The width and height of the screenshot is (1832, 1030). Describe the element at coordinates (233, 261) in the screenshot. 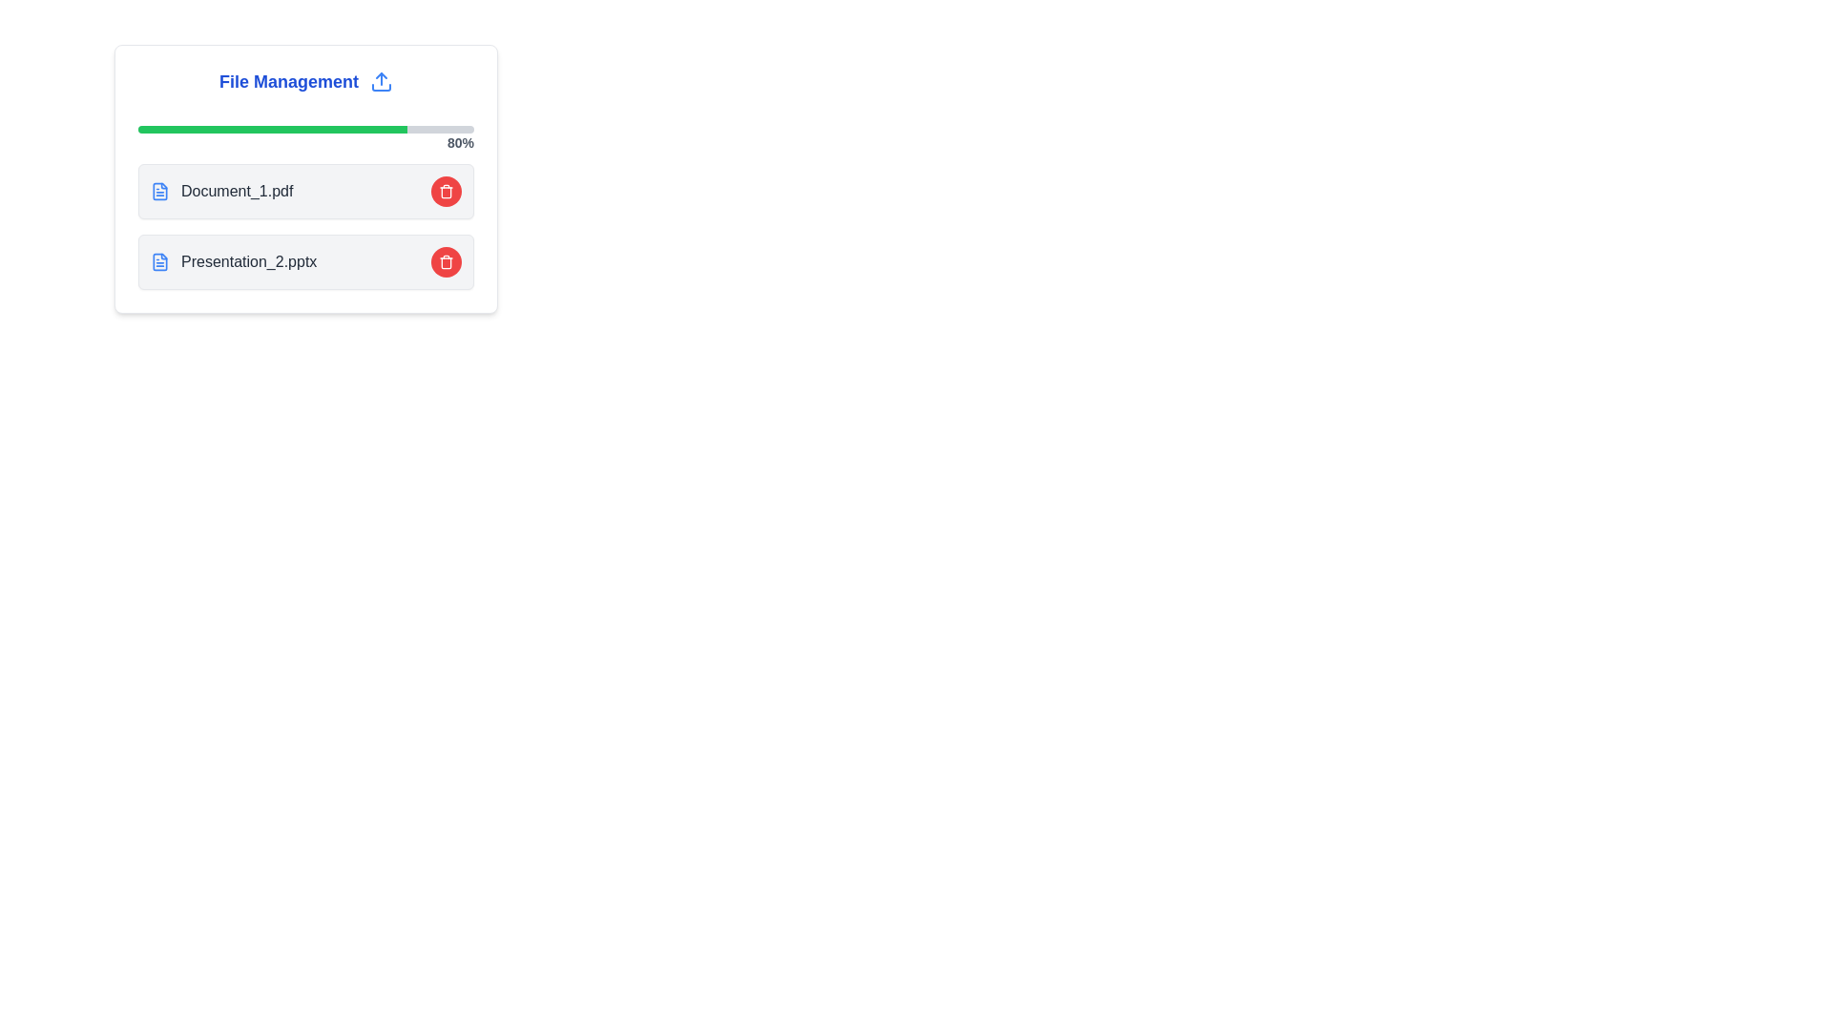

I see `the filename 'Presentation_2.pptx'` at that location.